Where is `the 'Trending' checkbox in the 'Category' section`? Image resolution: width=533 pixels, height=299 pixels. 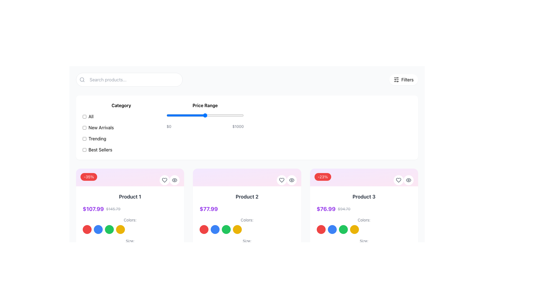
the 'Trending' checkbox in the 'Category' section is located at coordinates (121, 138).